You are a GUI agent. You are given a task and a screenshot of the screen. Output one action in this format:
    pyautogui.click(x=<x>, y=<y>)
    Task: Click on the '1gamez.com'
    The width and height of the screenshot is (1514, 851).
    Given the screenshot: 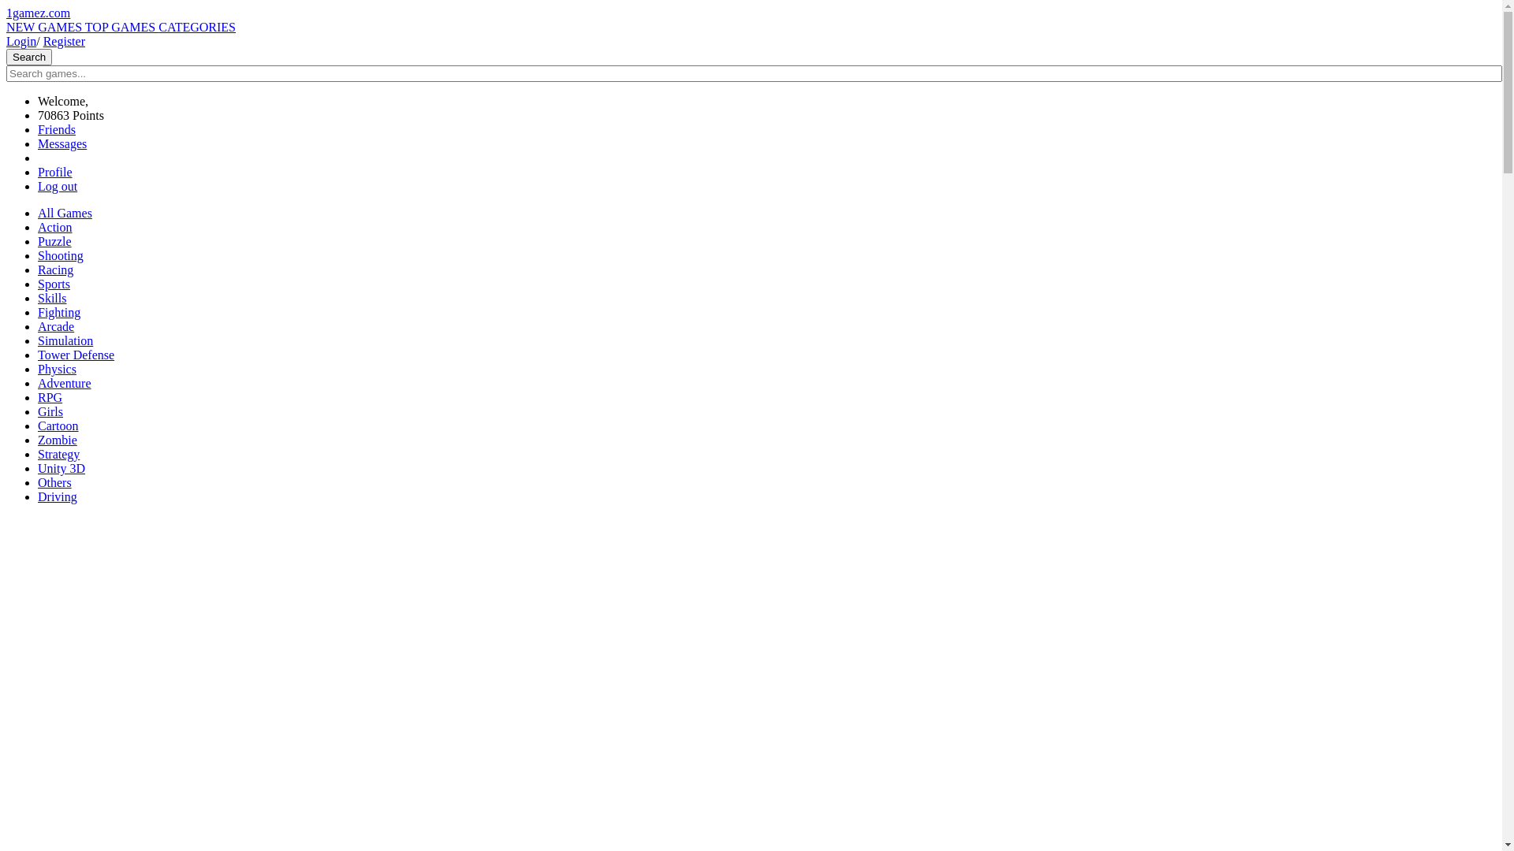 What is the action you would take?
    pyautogui.click(x=38, y=13)
    